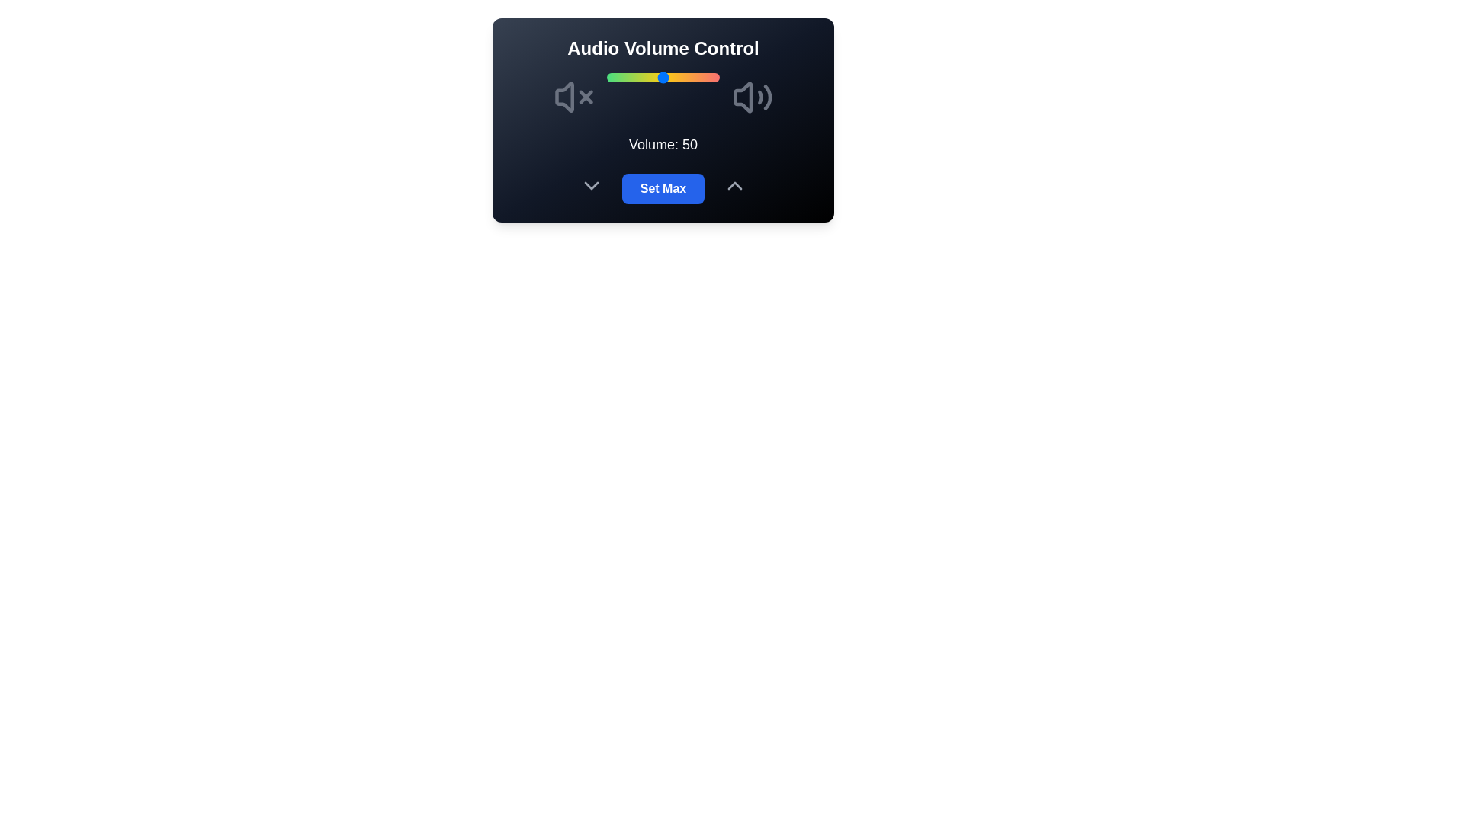  What do you see at coordinates (705, 77) in the screenshot?
I see `the volume slider to 88 percent` at bounding box center [705, 77].